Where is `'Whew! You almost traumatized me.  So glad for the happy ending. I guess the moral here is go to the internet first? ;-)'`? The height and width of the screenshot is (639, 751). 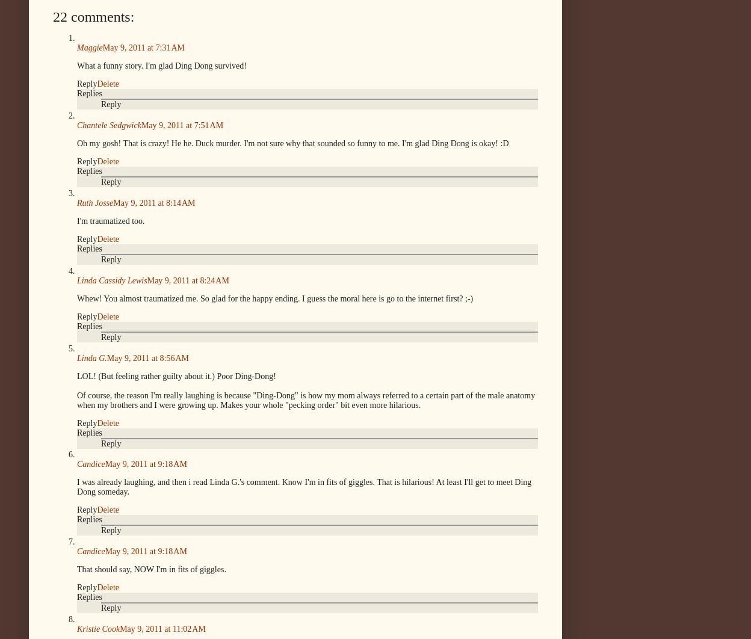 'Whew! You almost traumatized me.  So glad for the happy ending. I guess the moral here is go to the internet first? ;-)' is located at coordinates (275, 297).